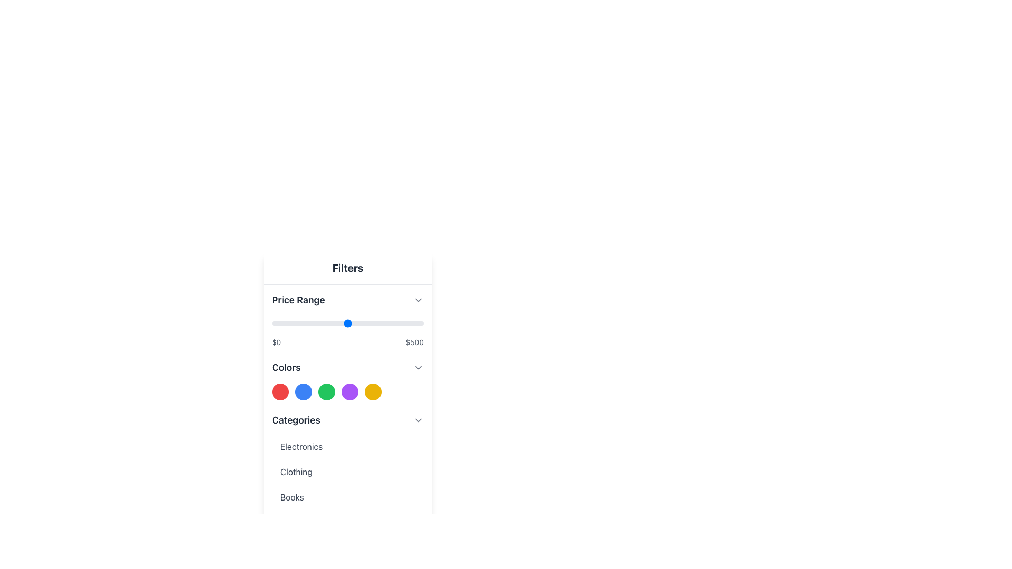 Image resolution: width=1012 pixels, height=569 pixels. What do you see at coordinates (407, 322) in the screenshot?
I see `the slider` at bounding box center [407, 322].